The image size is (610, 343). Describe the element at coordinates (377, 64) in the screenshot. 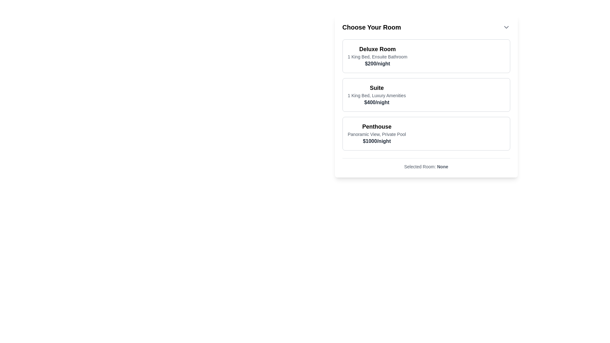

I see `the Text Display showing '$200/night' in bold and dark gray located below the room description for the 'Deluxe Room' option` at that location.